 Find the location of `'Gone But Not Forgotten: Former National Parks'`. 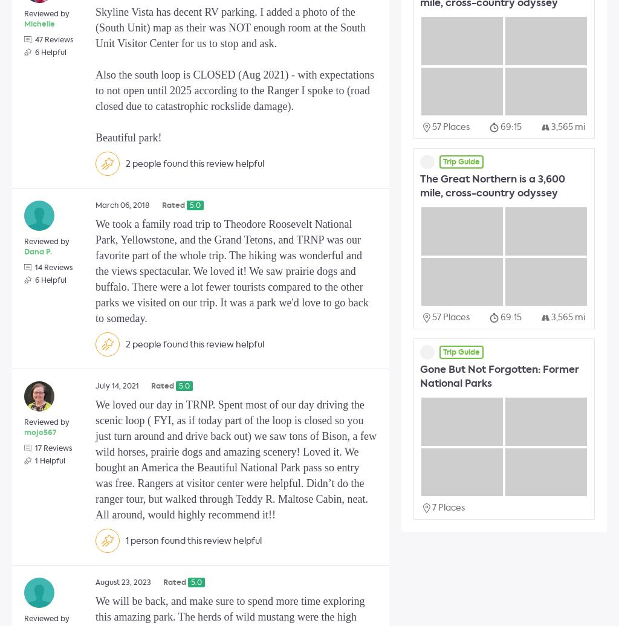

'Gone But Not Forgotten: Former National Parks' is located at coordinates (499, 376).